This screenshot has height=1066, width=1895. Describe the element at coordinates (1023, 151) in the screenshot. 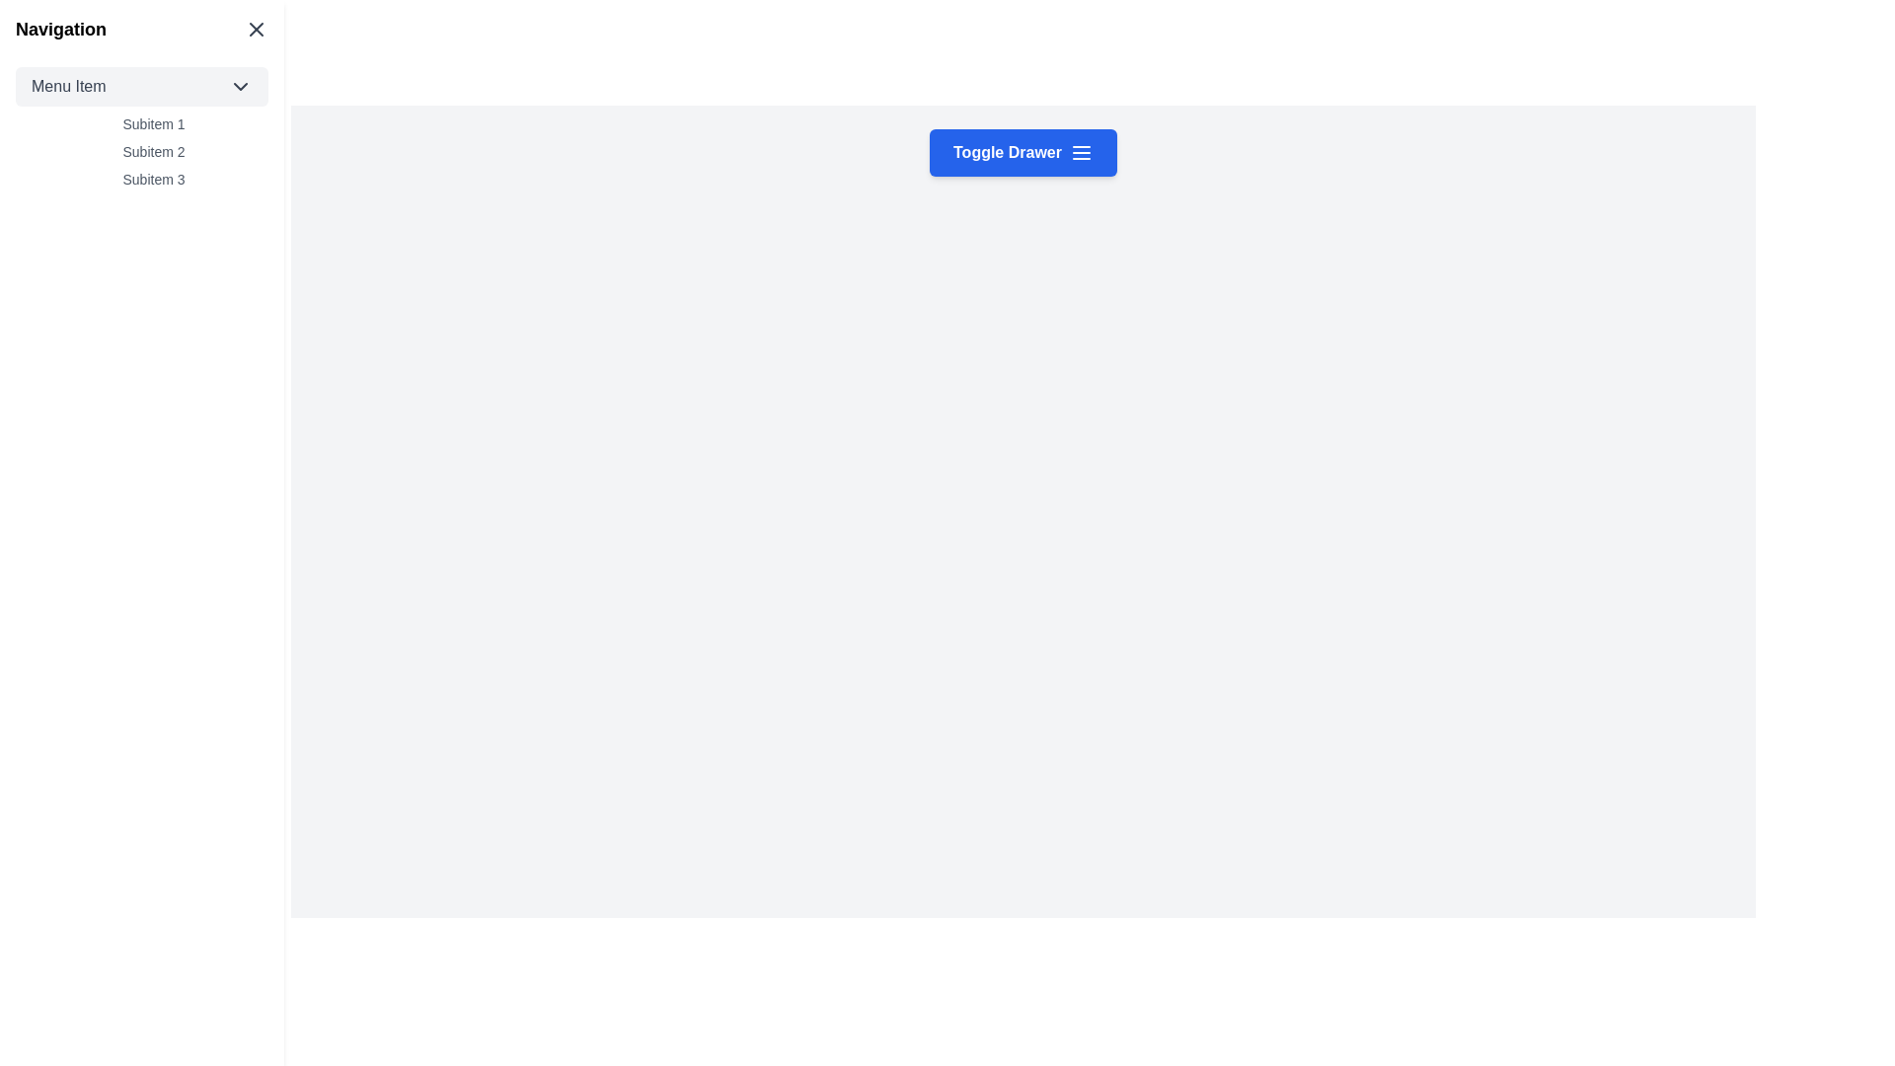

I see `the 'Toggle Drawer' button with a blue background and bold white text` at that location.